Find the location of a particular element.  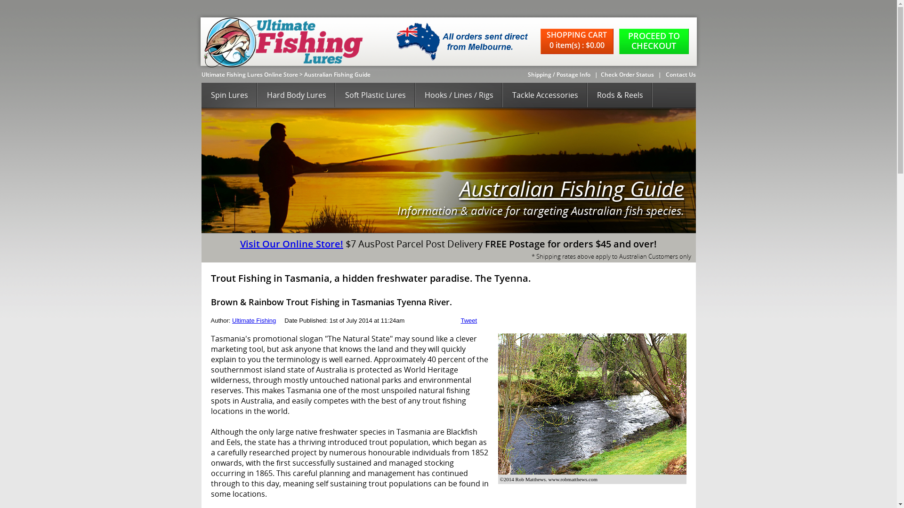

'Contact Us' is located at coordinates (680, 74).